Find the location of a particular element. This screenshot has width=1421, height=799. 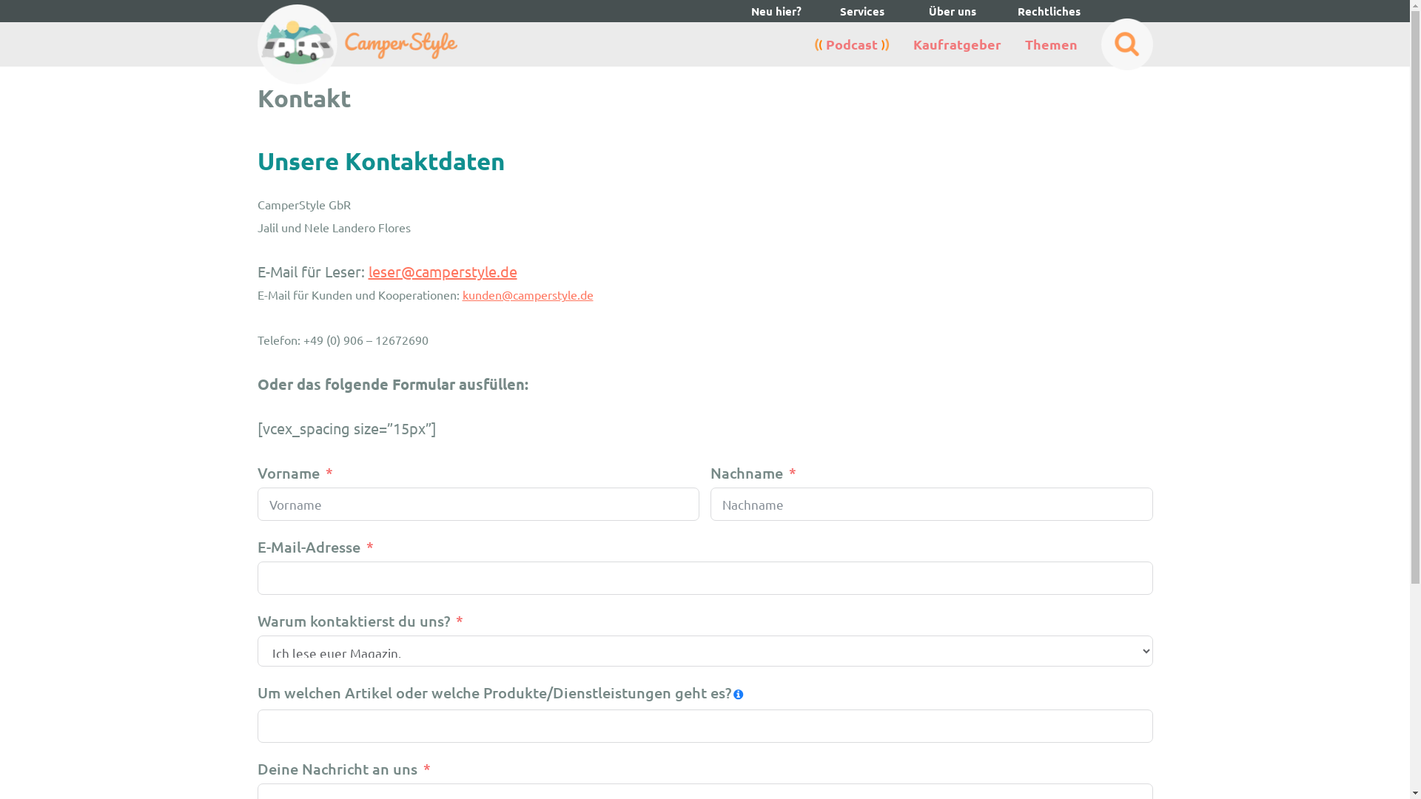

'Kaufratgeber' is located at coordinates (912, 44).